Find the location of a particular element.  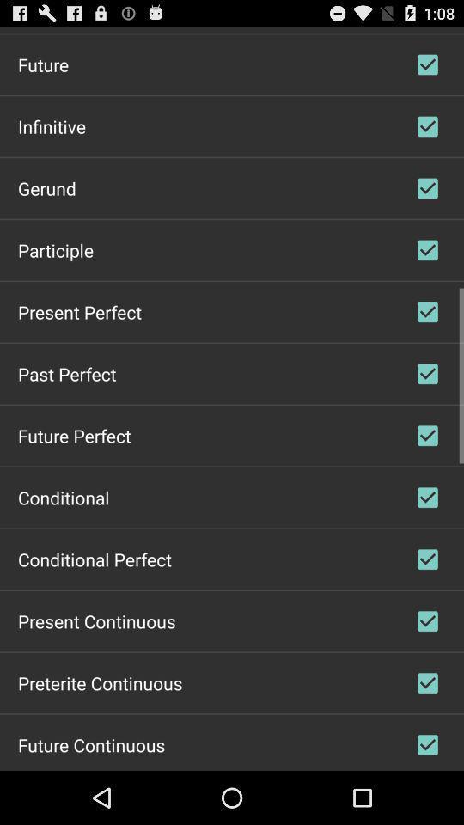

the app above the future continuous app is located at coordinates (100, 682).